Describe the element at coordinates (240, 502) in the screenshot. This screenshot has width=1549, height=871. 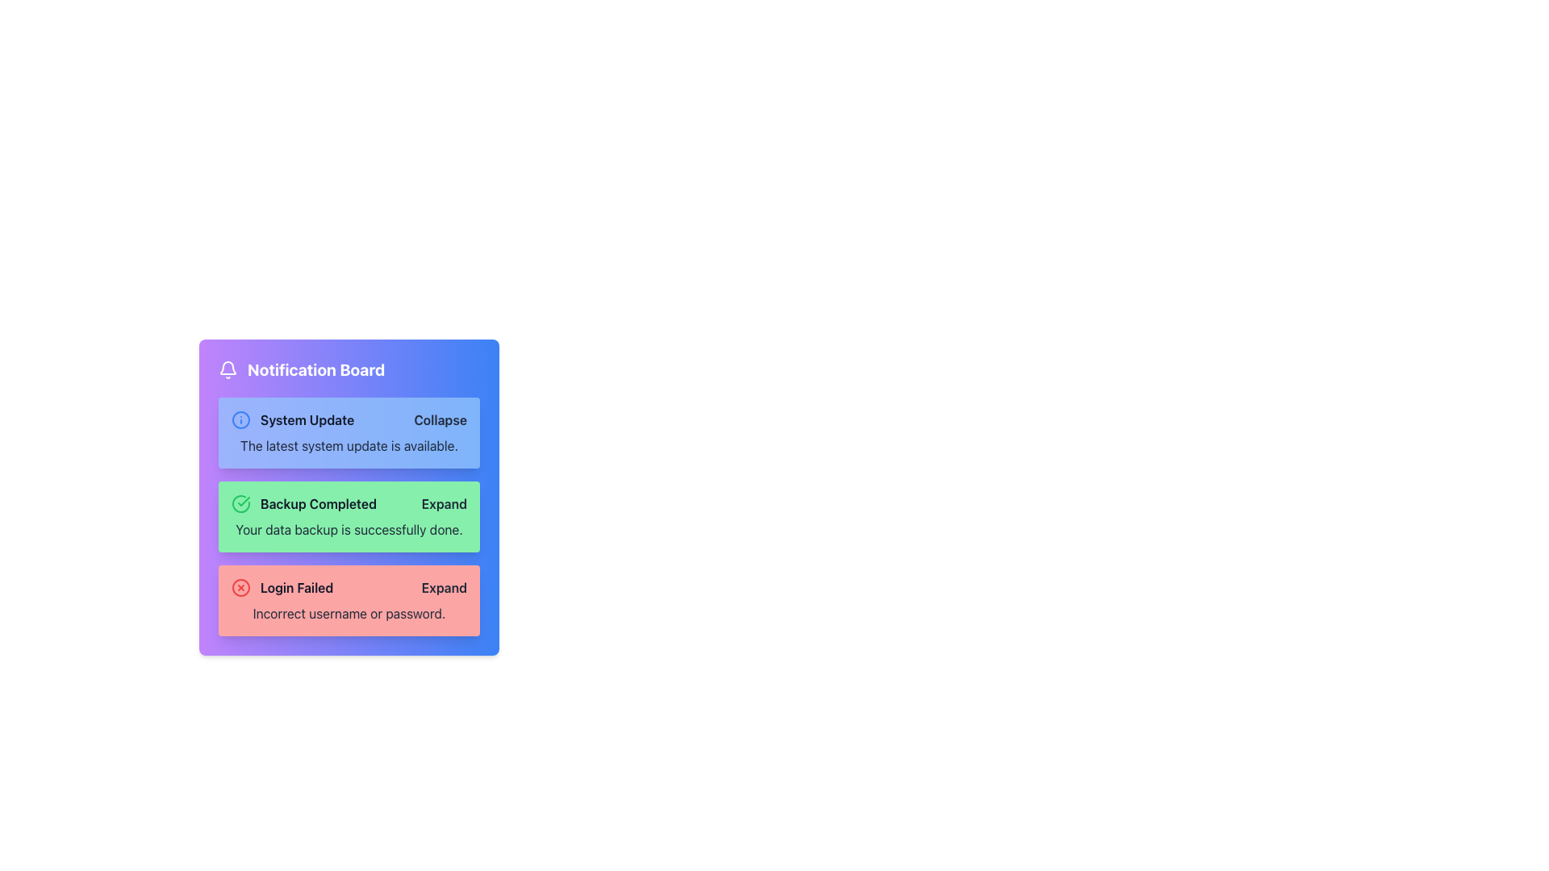
I see `the circular SVG-based icon that indicates the successful completion of a backup operation, positioned to the left of the 'Backup Completed' text label in the second notification item of the notification board` at that location.